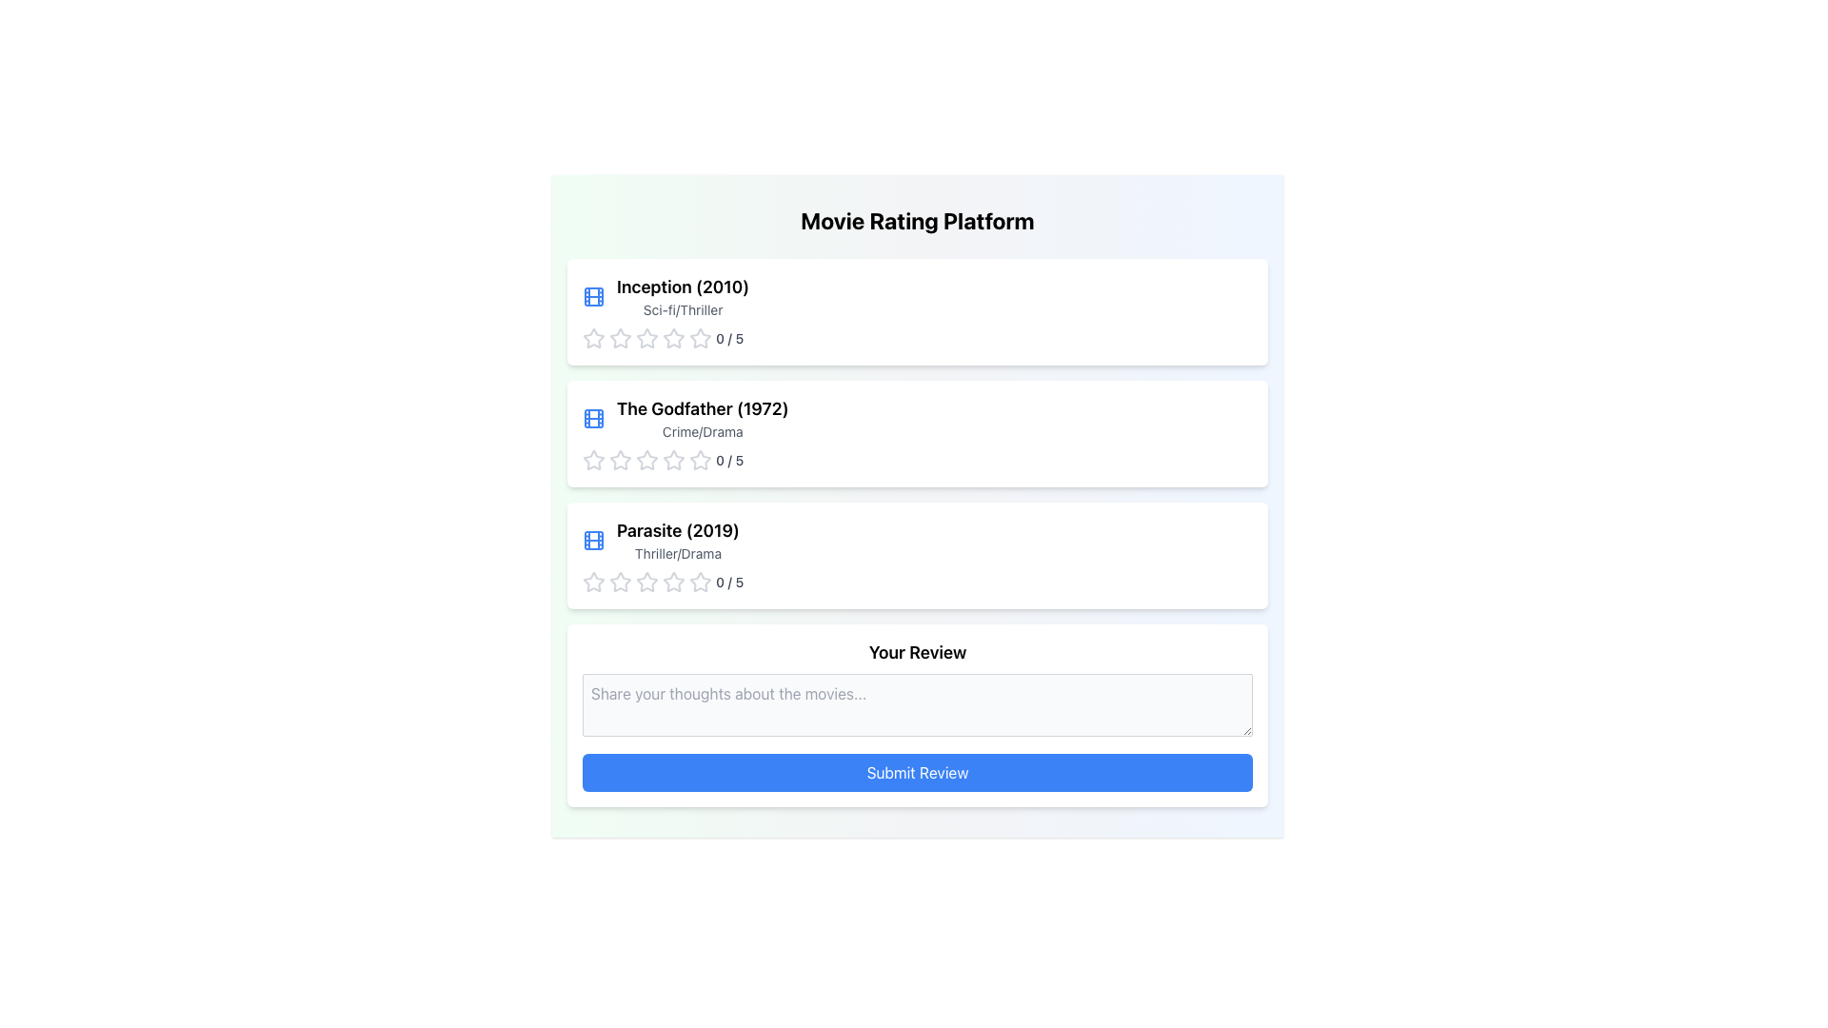 Image resolution: width=1828 pixels, height=1028 pixels. Describe the element at coordinates (678, 554) in the screenshot. I see `the text label displaying the genre information for the movie 'Parasite (2019)', located directly below the title in the third entry of the movie list` at that location.